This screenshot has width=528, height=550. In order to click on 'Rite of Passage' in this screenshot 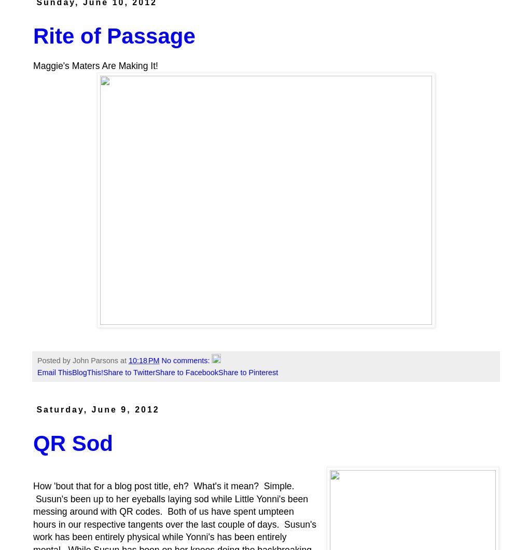, I will do `click(113, 35)`.